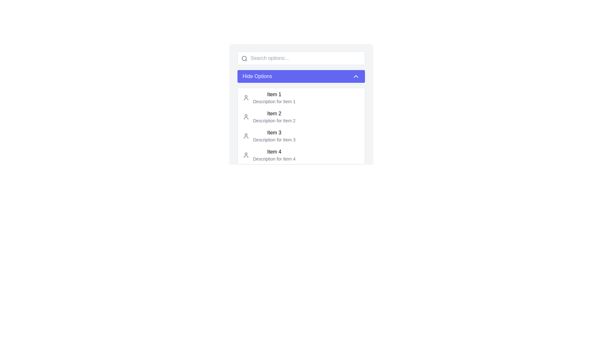 This screenshot has width=612, height=344. What do you see at coordinates (274, 136) in the screenshot?
I see `the third item in the vertically stacked list, which provides a title and description but is non-interactive, located between 'Item 2' and 'Item 4'` at bounding box center [274, 136].